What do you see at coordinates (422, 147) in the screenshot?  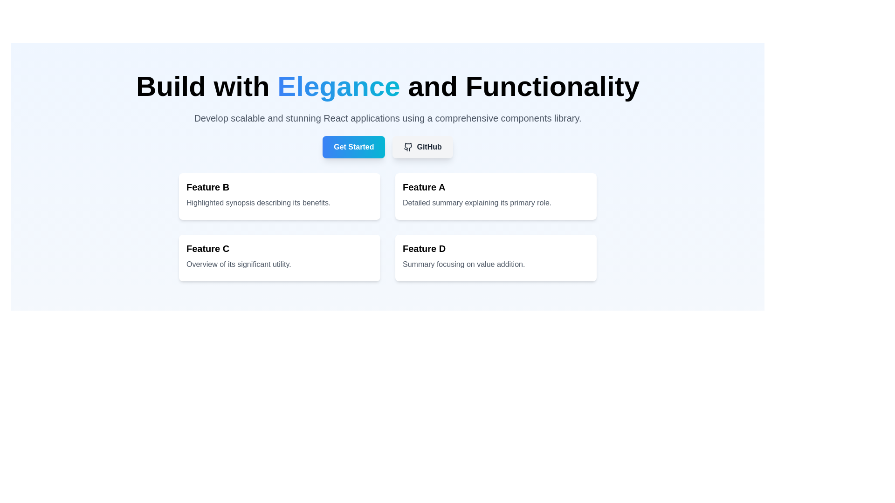 I see `the GitHub button with a light gray background and GitHub icon` at bounding box center [422, 147].